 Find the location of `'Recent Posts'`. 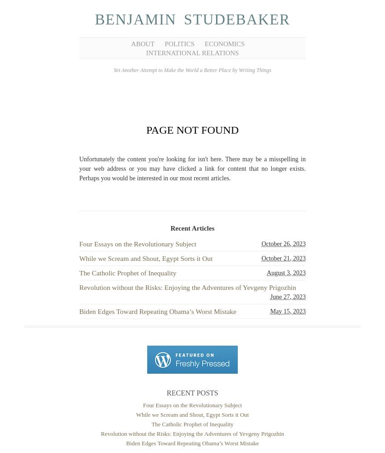

'Recent Posts' is located at coordinates (166, 392).